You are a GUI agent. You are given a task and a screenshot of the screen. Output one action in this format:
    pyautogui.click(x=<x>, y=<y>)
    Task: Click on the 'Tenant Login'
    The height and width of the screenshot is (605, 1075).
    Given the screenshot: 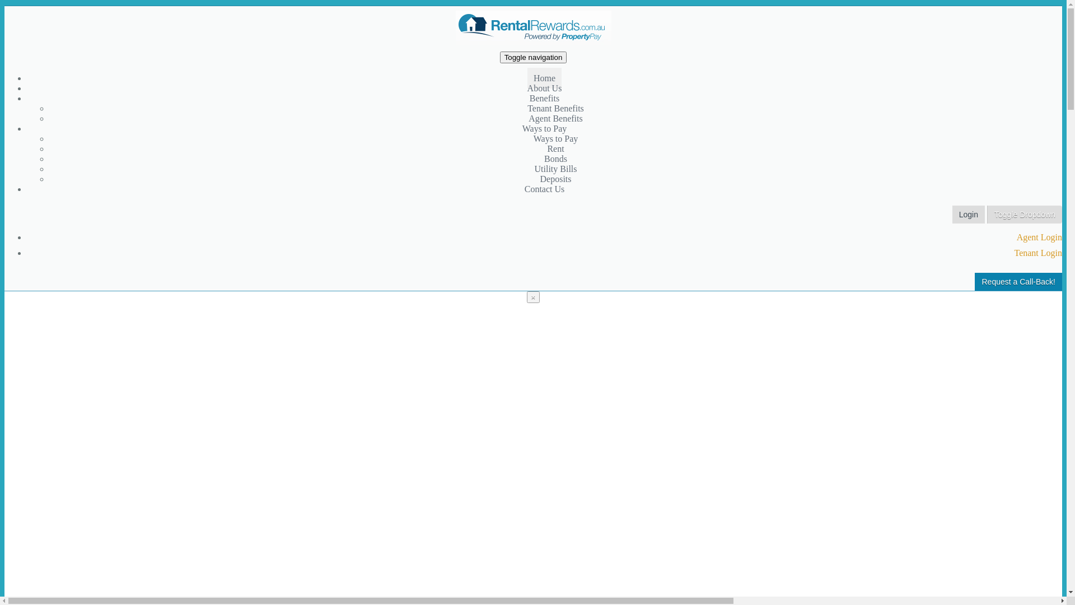 What is the action you would take?
    pyautogui.click(x=1013, y=253)
    